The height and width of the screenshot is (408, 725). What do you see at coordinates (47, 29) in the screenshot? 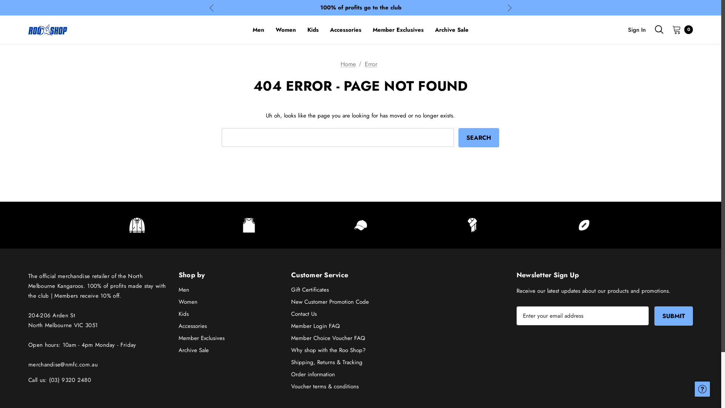
I see `'The Roo Shop'` at bounding box center [47, 29].